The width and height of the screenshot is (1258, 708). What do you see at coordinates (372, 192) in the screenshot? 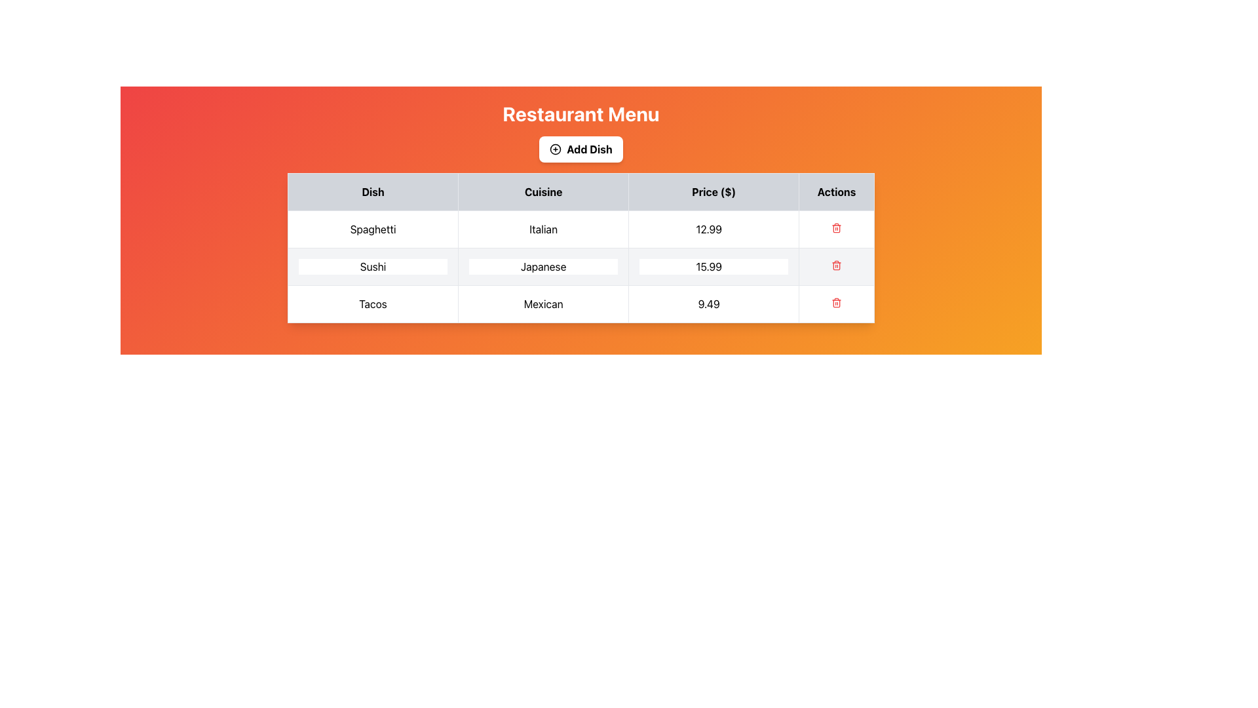
I see `the first column header label of the table, which is titled 'Dish', located leftmost among the headers 'Dish', 'Cuisine', 'Price ($)', and 'Actions'` at bounding box center [372, 192].